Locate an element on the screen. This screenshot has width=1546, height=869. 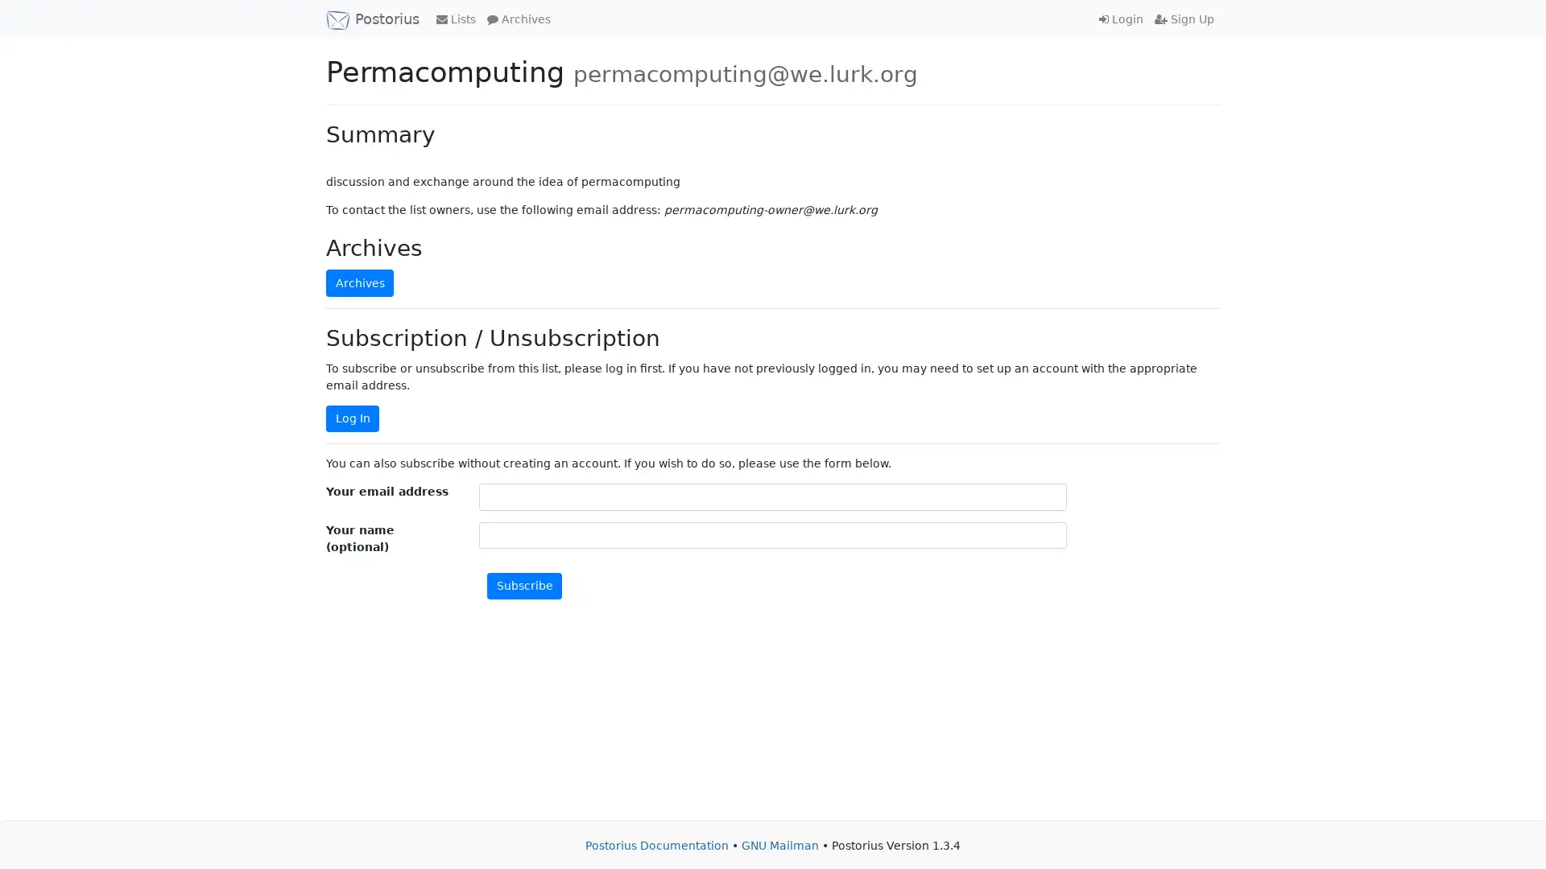
Subscribe is located at coordinates (524, 586).